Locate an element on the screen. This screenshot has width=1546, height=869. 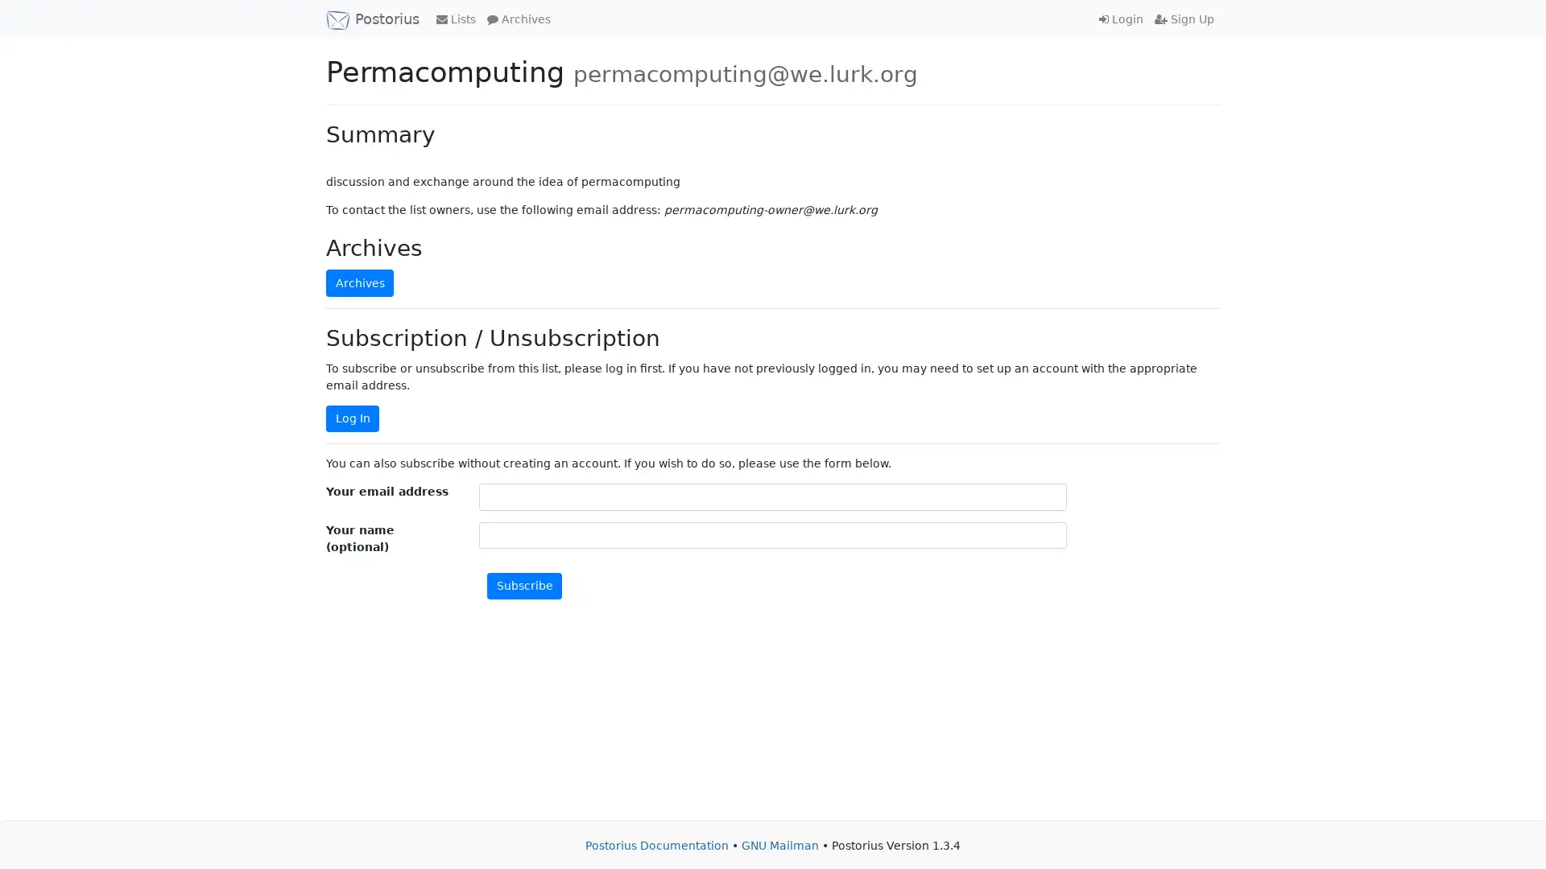
Subscribe is located at coordinates (524, 586).